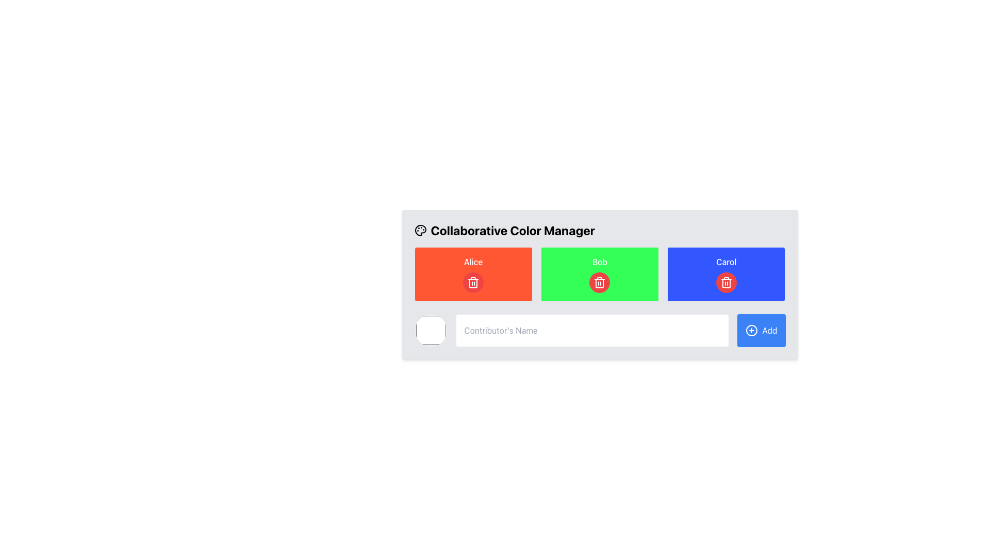 This screenshot has height=557, width=990. What do you see at coordinates (600, 282) in the screenshot?
I see `the circular delete button located within the green rectangular card labeled 'Bob'` at bounding box center [600, 282].